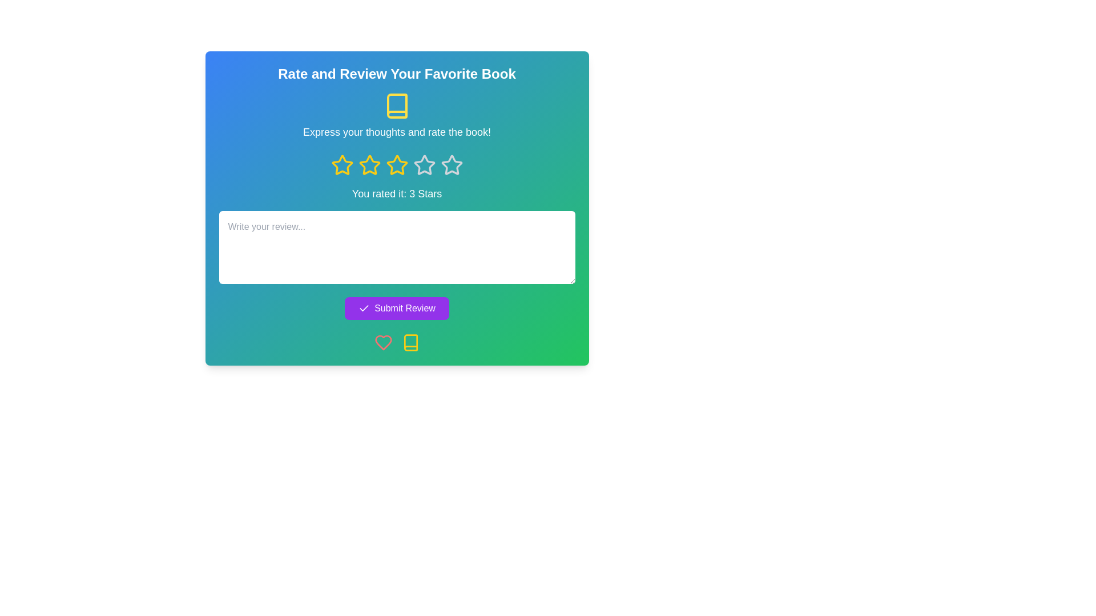 This screenshot has height=616, width=1096. What do you see at coordinates (397, 165) in the screenshot?
I see `the third star icon in the five-point rating system` at bounding box center [397, 165].